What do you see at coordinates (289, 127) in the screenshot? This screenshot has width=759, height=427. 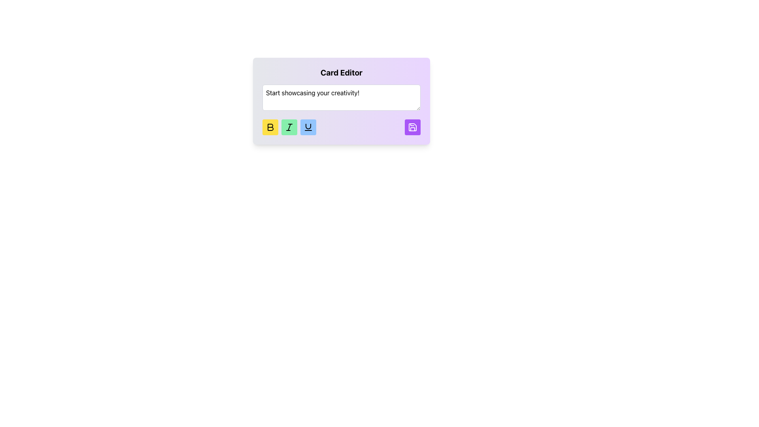 I see `the decorative stroke of the italic icon located in the second position of the toolbar options below the input field` at bounding box center [289, 127].